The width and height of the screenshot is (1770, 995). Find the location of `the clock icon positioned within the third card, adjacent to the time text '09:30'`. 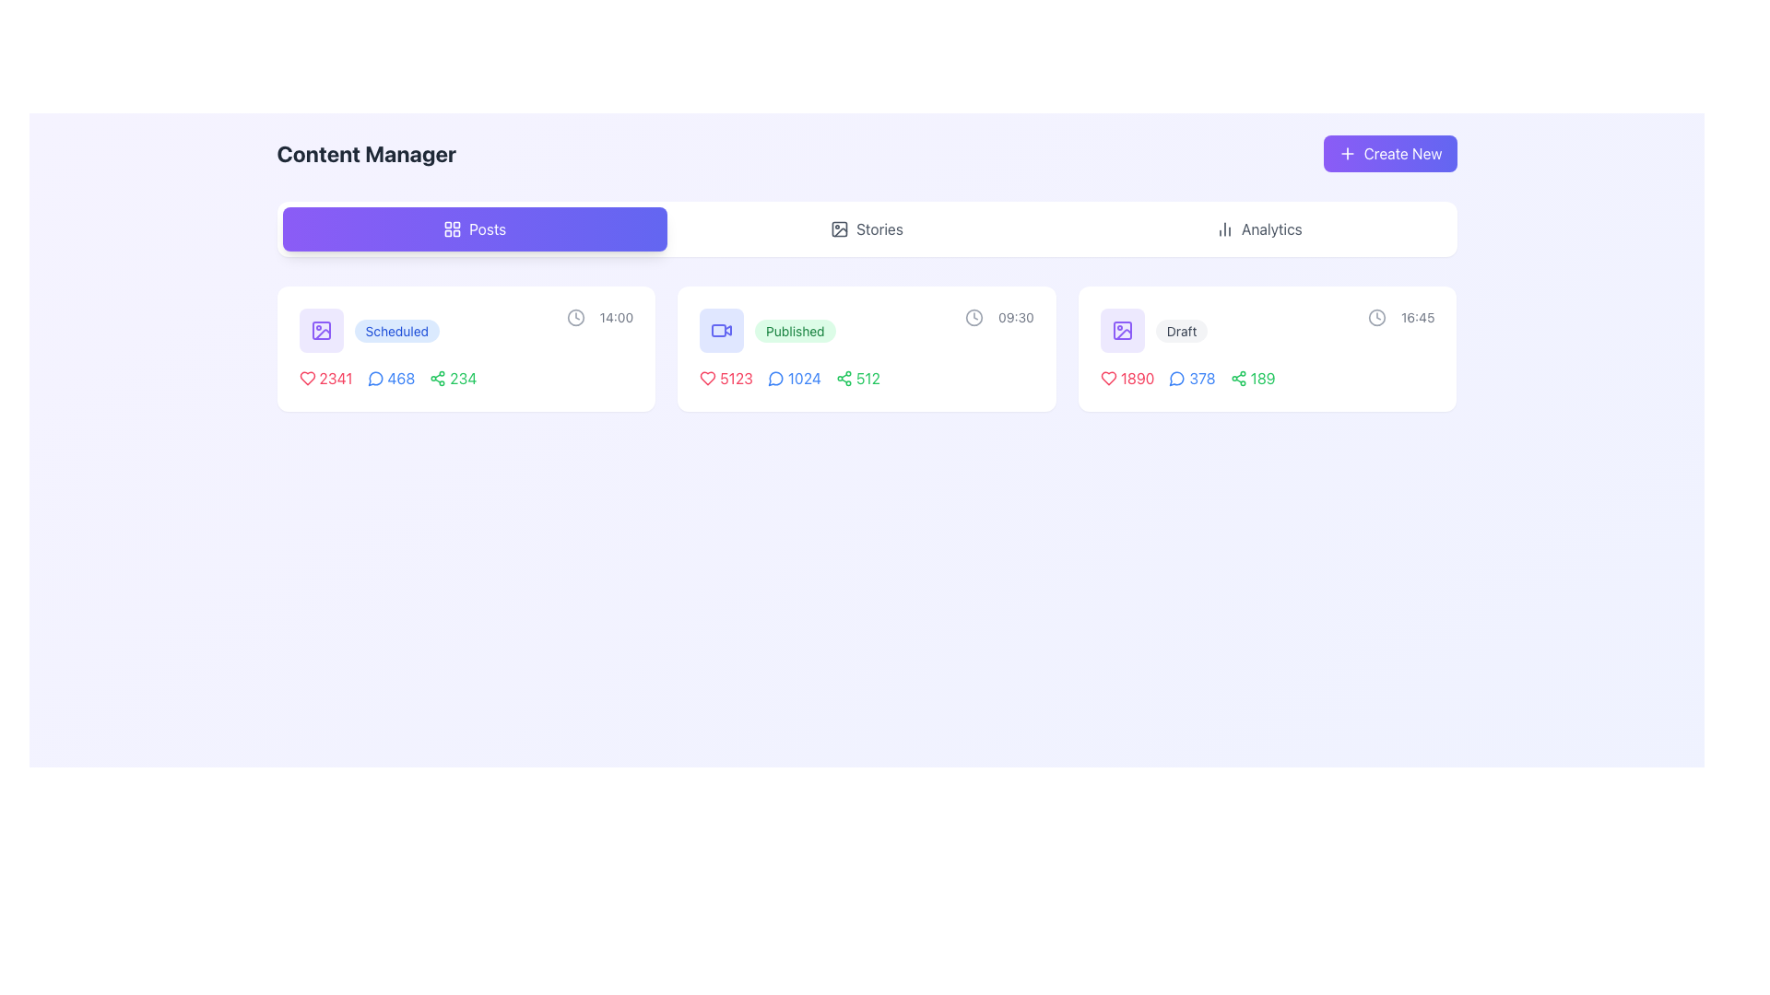

the clock icon positioned within the third card, adjacent to the time text '09:30' is located at coordinates (973, 316).